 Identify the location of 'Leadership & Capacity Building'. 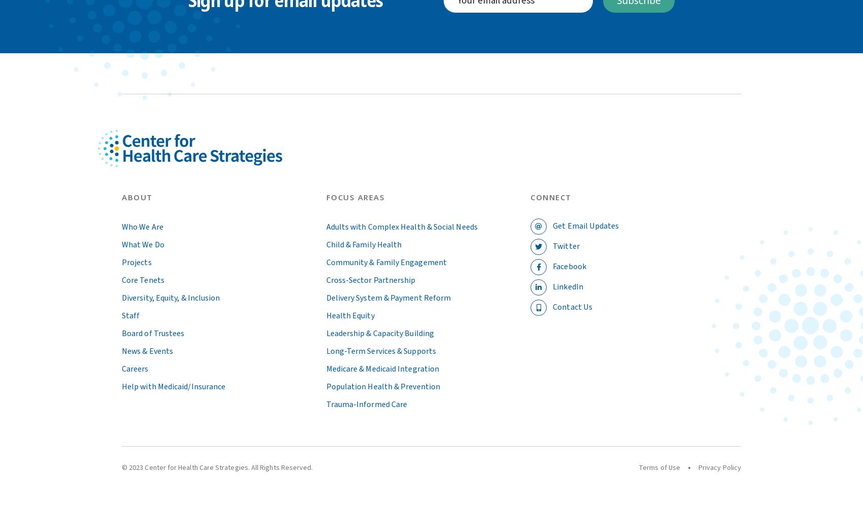
(379, 333).